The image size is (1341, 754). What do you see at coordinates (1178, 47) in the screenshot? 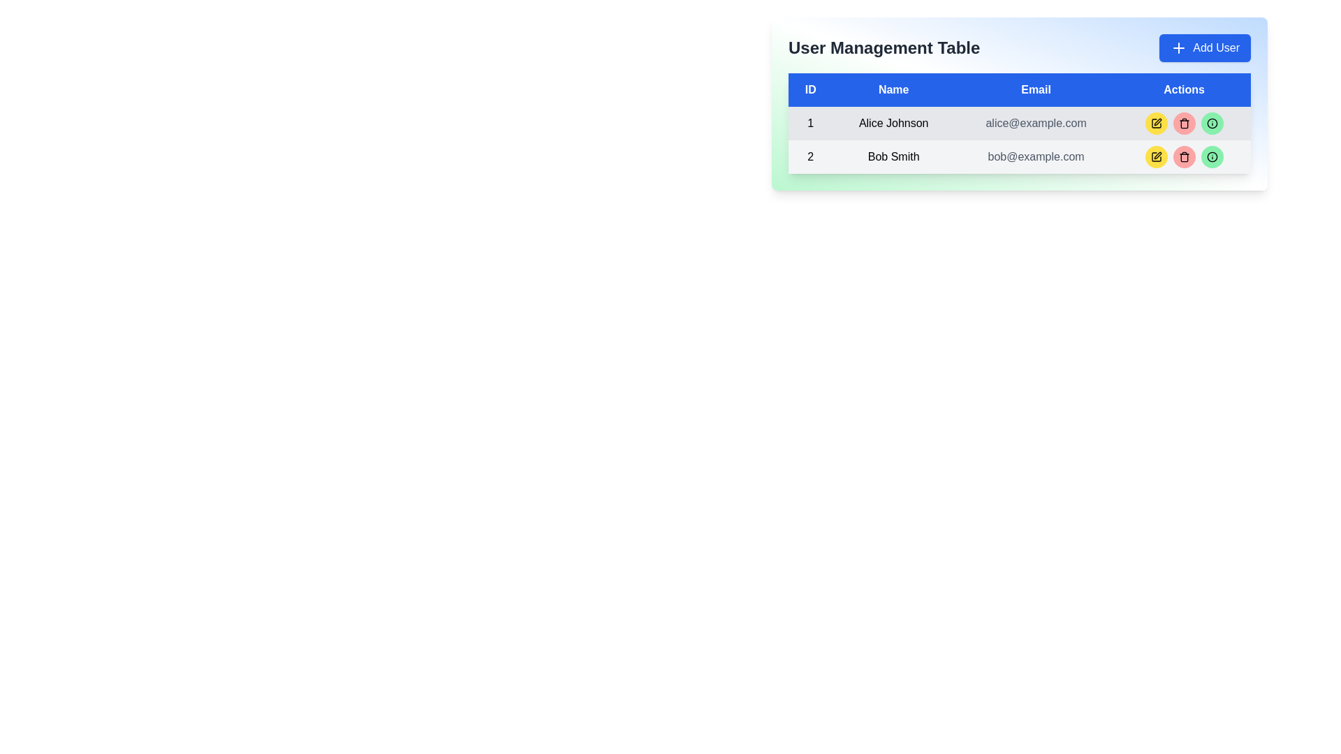
I see `the SVG icon representing a plus sign located within the blue 'Add User' button in the top-right section of the user management table interface` at bounding box center [1178, 47].